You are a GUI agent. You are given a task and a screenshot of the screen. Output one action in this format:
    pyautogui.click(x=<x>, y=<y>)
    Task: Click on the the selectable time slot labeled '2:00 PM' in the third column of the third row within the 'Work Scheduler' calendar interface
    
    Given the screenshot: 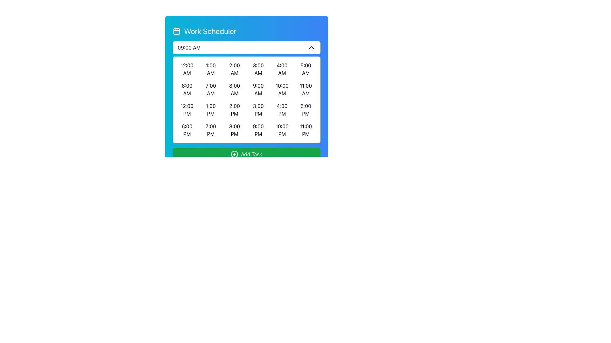 What is the action you would take?
    pyautogui.click(x=234, y=110)
    